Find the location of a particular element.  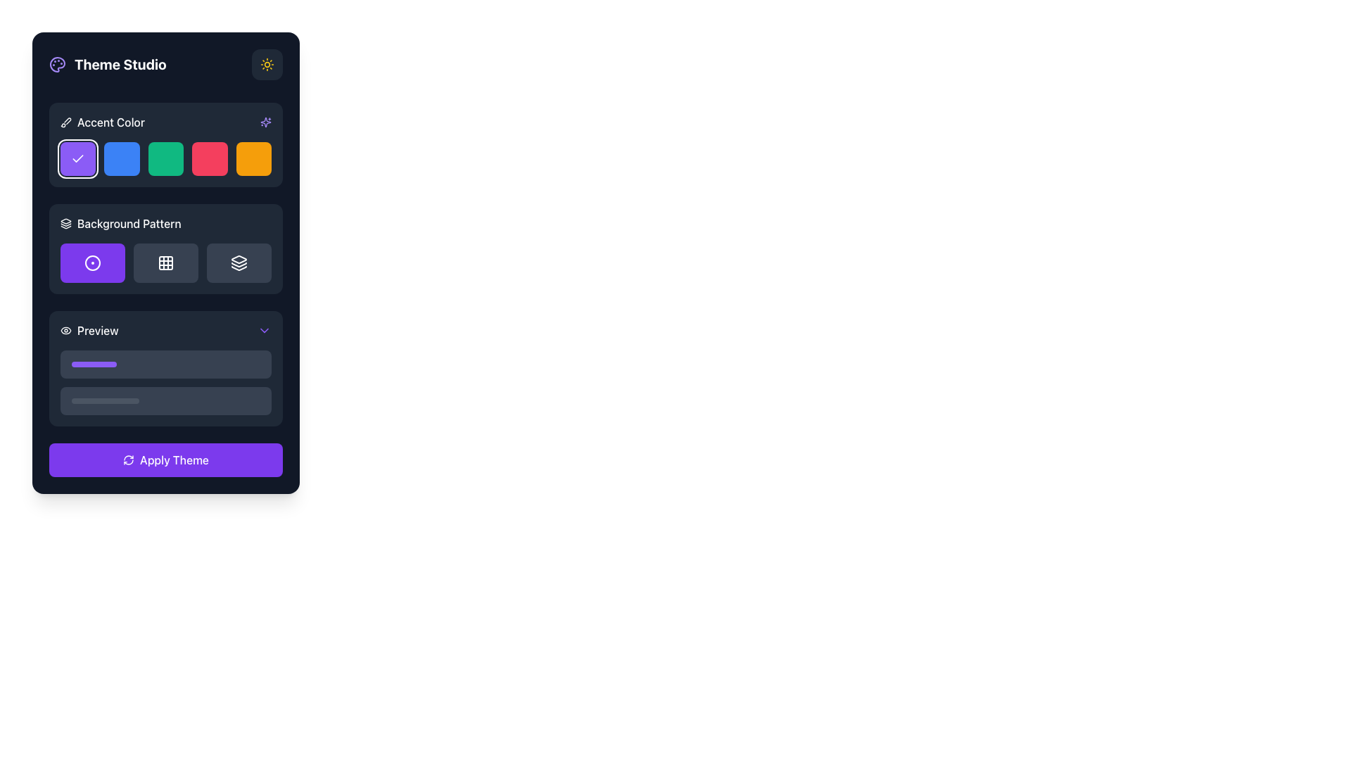

the second icon under the 'Background Pattern' section is located at coordinates (239, 264).